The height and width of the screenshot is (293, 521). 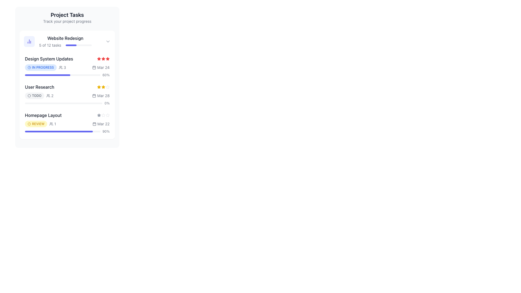 I want to click on the static text label displaying the progress percentage value (currently 0%) located at the far right end of the progress bar in the 'User Research' task section, so click(x=107, y=103).